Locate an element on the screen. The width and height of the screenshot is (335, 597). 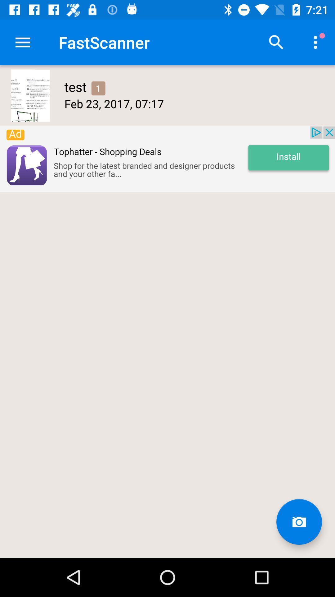
search of the app is located at coordinates (276, 42).